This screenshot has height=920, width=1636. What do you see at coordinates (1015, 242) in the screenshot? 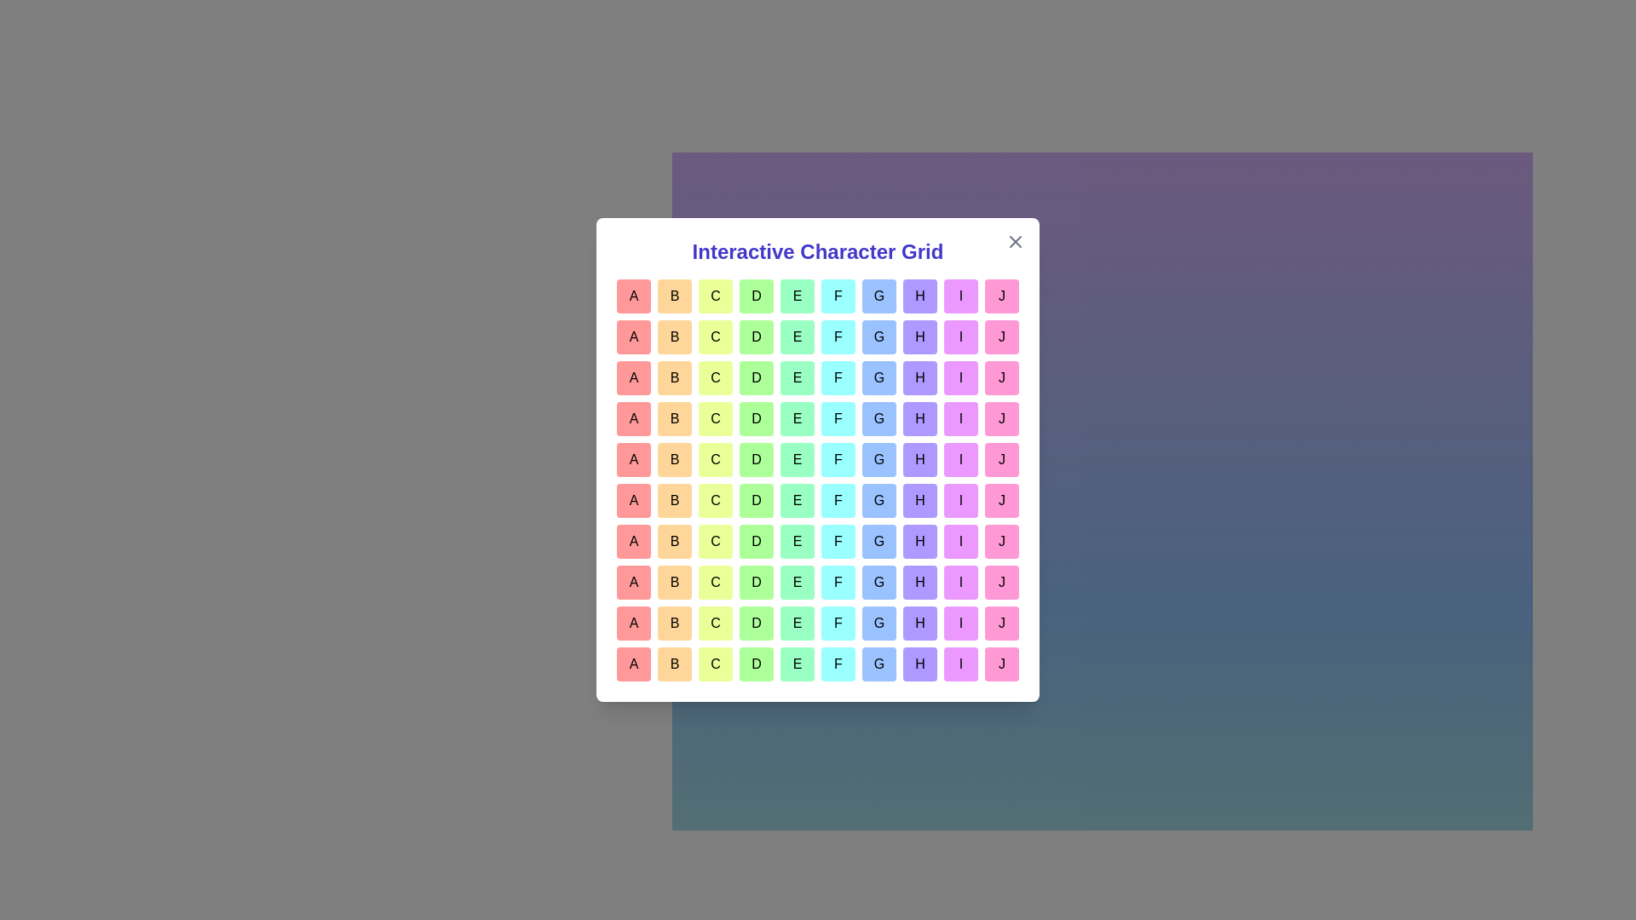
I see `the close button to dismiss the dialog` at bounding box center [1015, 242].